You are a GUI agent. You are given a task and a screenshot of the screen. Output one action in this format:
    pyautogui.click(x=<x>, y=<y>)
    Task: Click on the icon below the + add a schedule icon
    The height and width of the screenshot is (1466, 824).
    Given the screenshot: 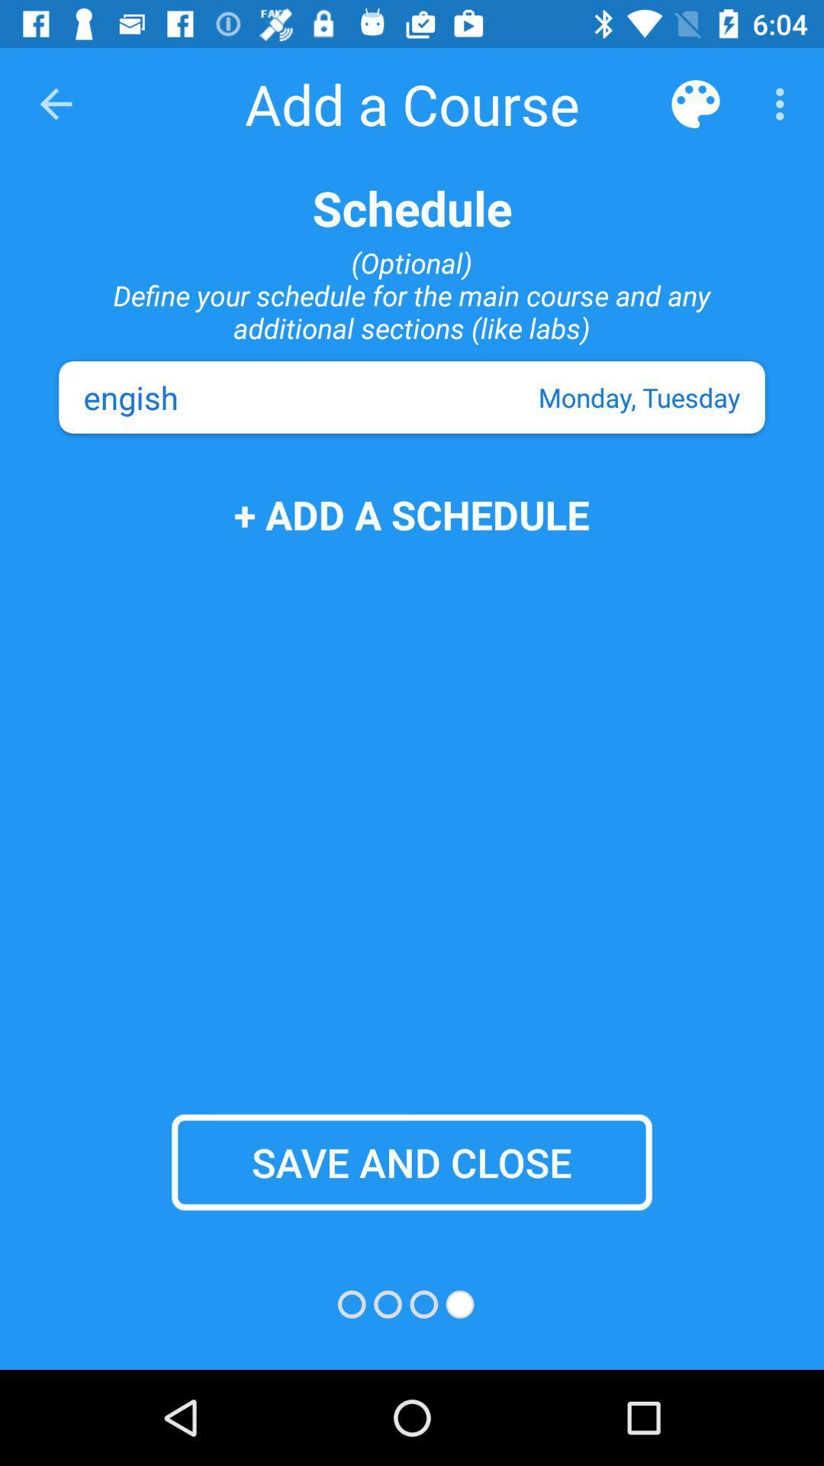 What is the action you would take?
    pyautogui.click(x=412, y=1161)
    